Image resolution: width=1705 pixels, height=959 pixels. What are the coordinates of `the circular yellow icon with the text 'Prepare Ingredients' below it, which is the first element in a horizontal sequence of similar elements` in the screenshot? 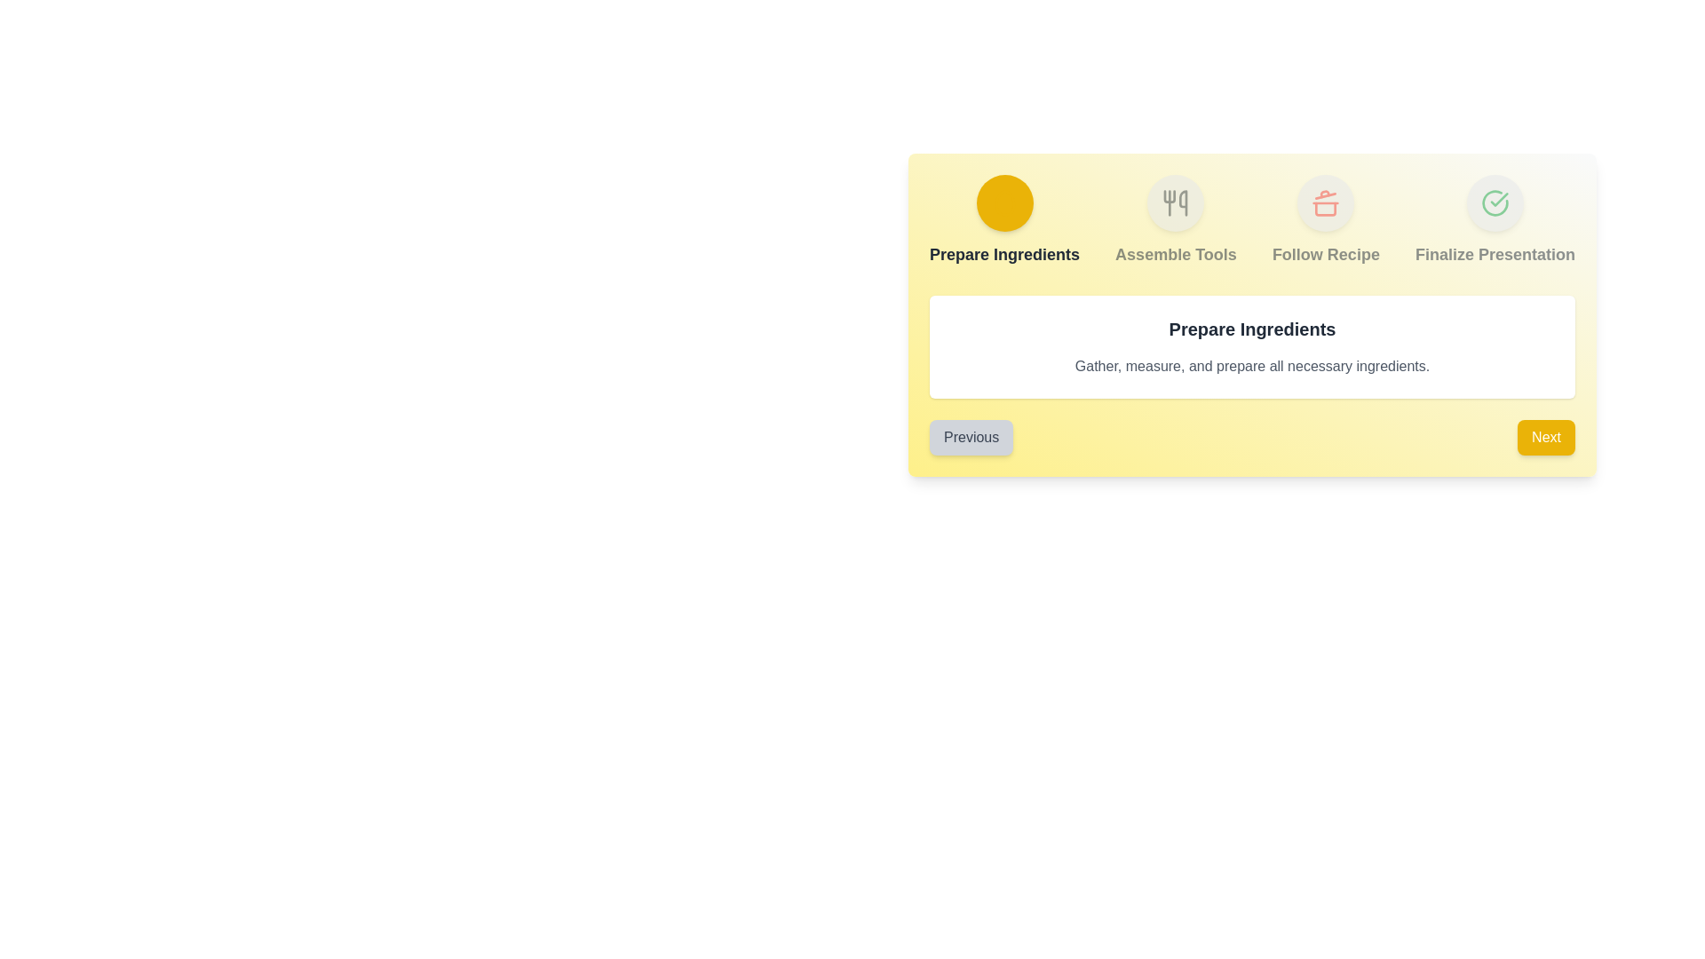 It's located at (1004, 220).